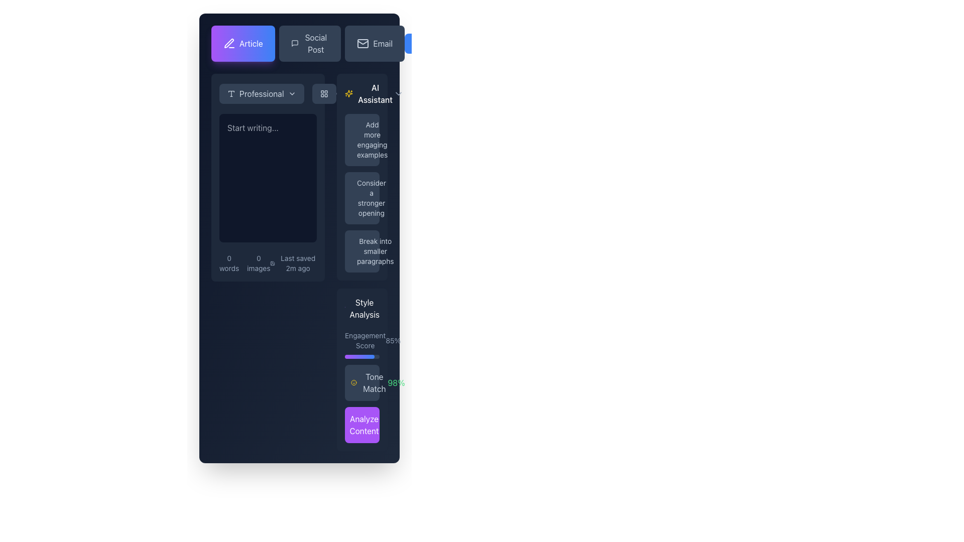 The height and width of the screenshot is (542, 964). Describe the element at coordinates (273, 262) in the screenshot. I see `the save status icon located to the left of the text 'Last saved 2m ago' at the bottom right of the text input area` at that location.